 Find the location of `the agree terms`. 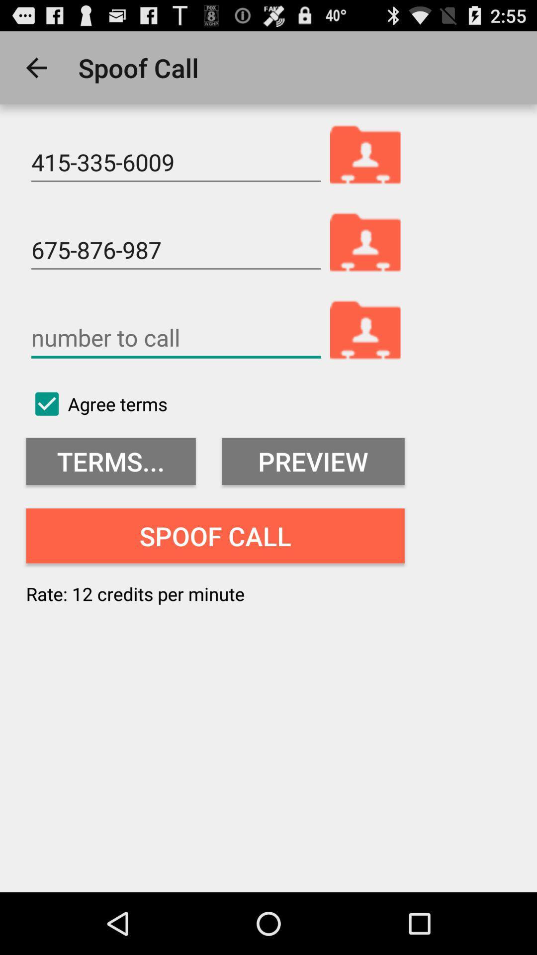

the agree terms is located at coordinates (96, 404).